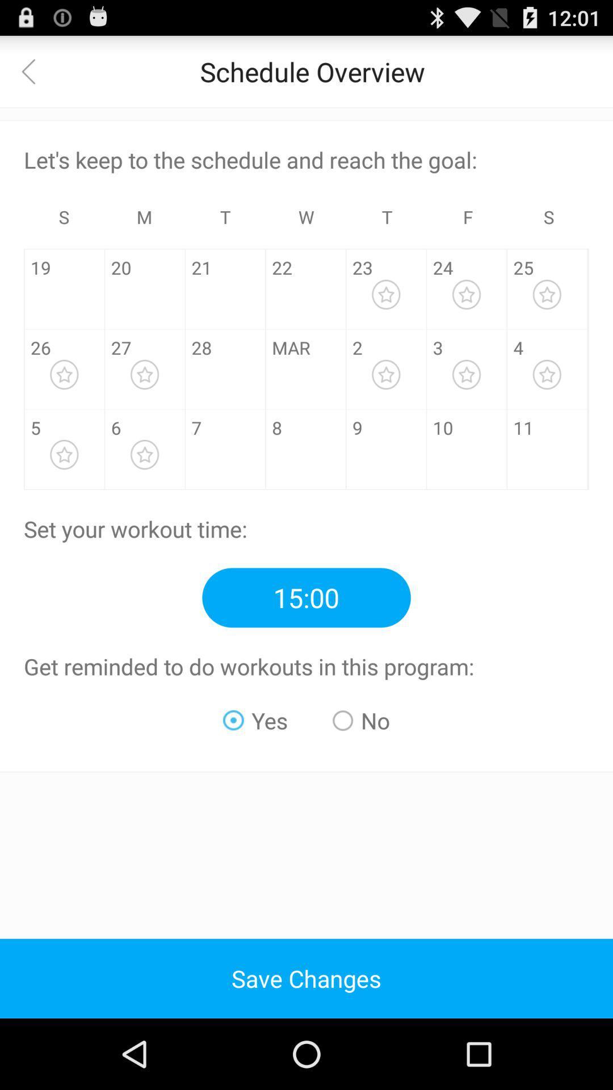 The image size is (613, 1090). What do you see at coordinates (306, 597) in the screenshot?
I see `the time 1500` at bounding box center [306, 597].